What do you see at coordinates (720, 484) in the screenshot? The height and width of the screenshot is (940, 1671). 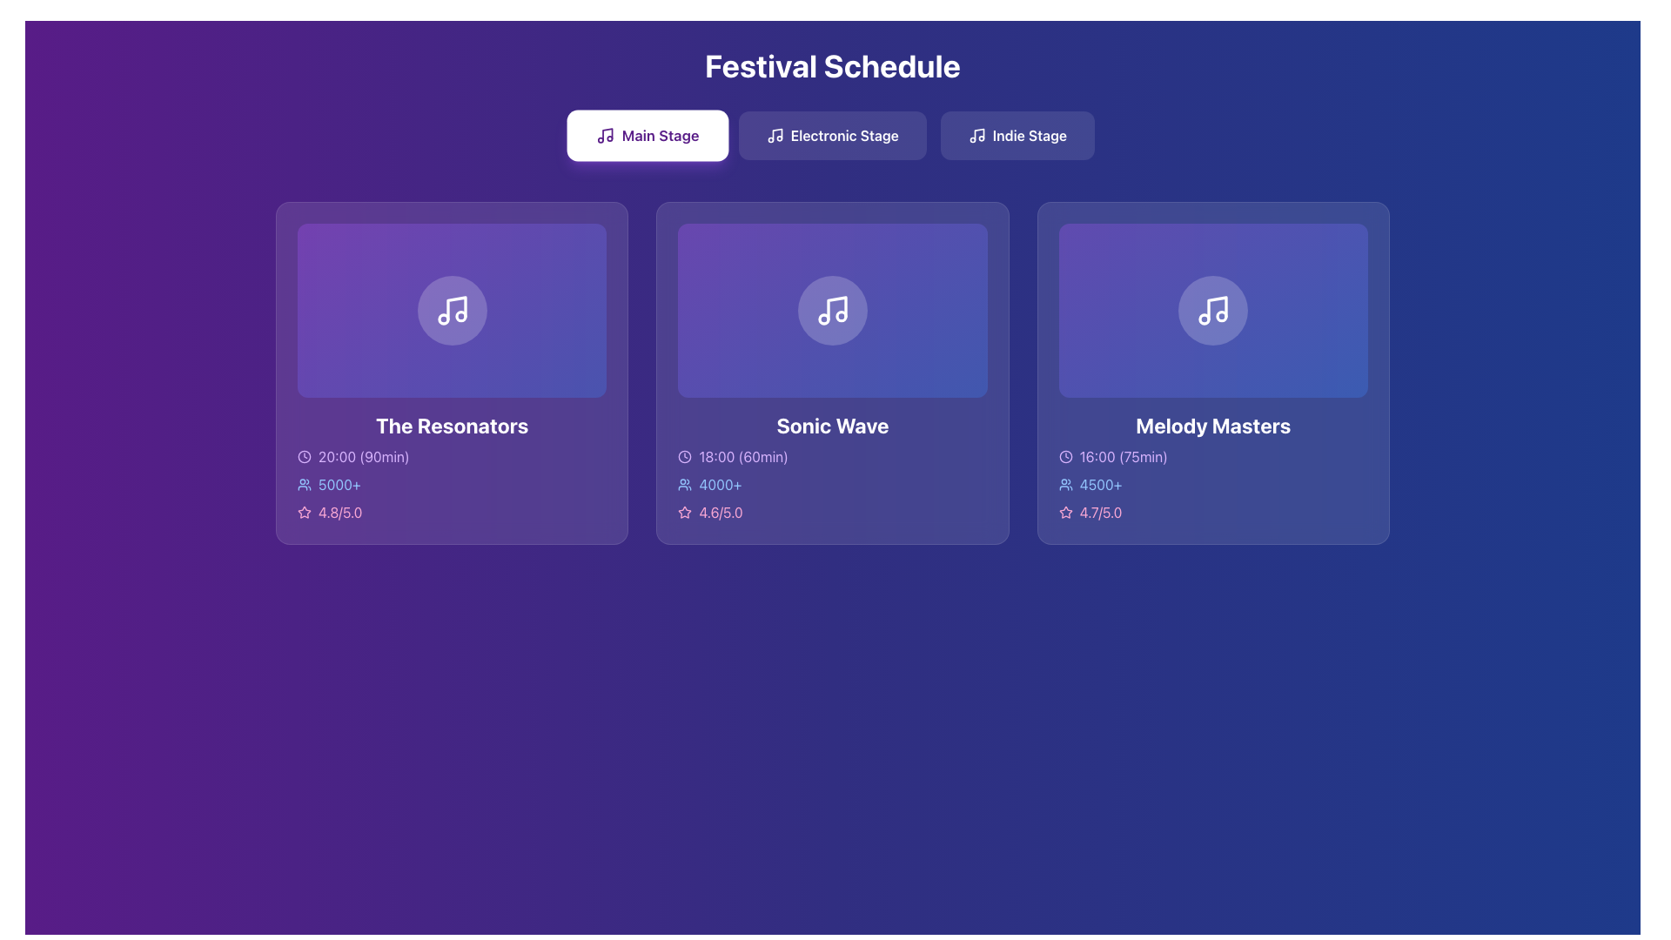 I see `the Text label displaying '4000+' in blue font, located to the right of an icon under the 'Sonic Wave' card` at bounding box center [720, 484].